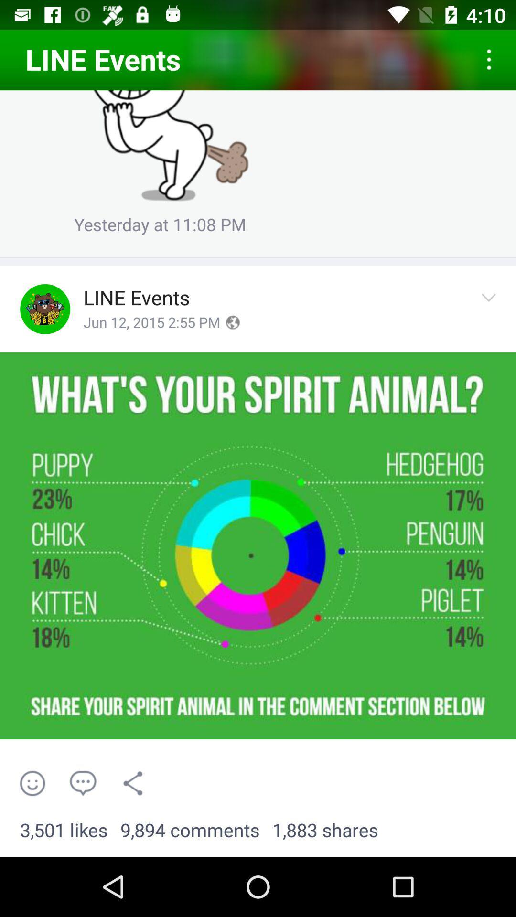 The width and height of the screenshot is (516, 917). Describe the element at coordinates (190, 830) in the screenshot. I see `9,894 comments app` at that location.